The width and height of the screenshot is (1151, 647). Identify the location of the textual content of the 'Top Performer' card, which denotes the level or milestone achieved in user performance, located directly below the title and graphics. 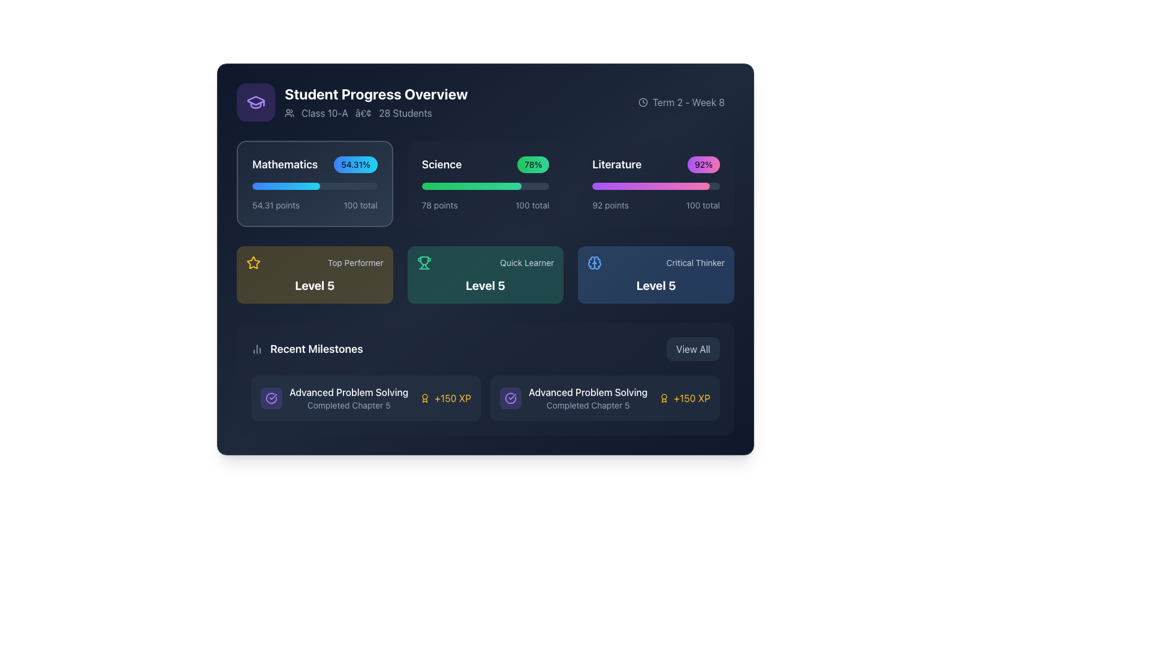
(315, 286).